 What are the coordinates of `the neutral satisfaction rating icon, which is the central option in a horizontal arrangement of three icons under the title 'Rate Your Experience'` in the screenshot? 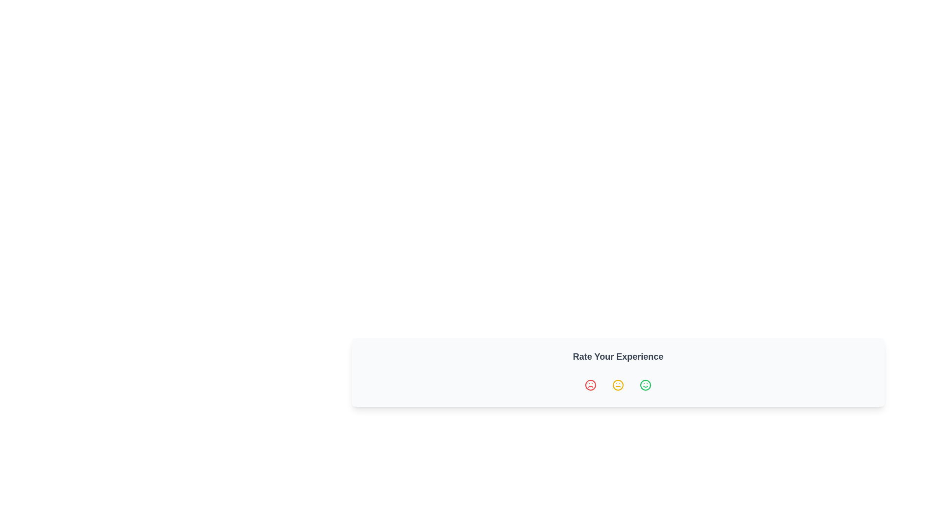 It's located at (617, 385).